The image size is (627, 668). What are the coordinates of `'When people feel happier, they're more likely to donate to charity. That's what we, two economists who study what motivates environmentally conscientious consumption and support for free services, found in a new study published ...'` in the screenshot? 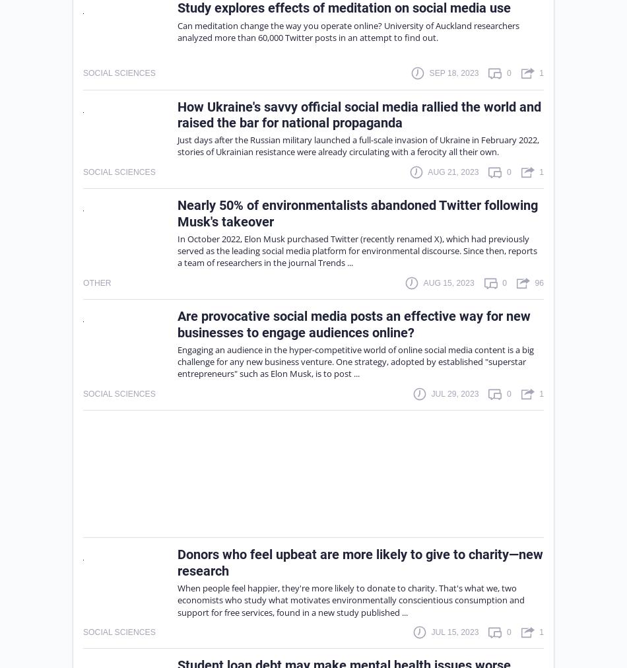 It's located at (351, 599).